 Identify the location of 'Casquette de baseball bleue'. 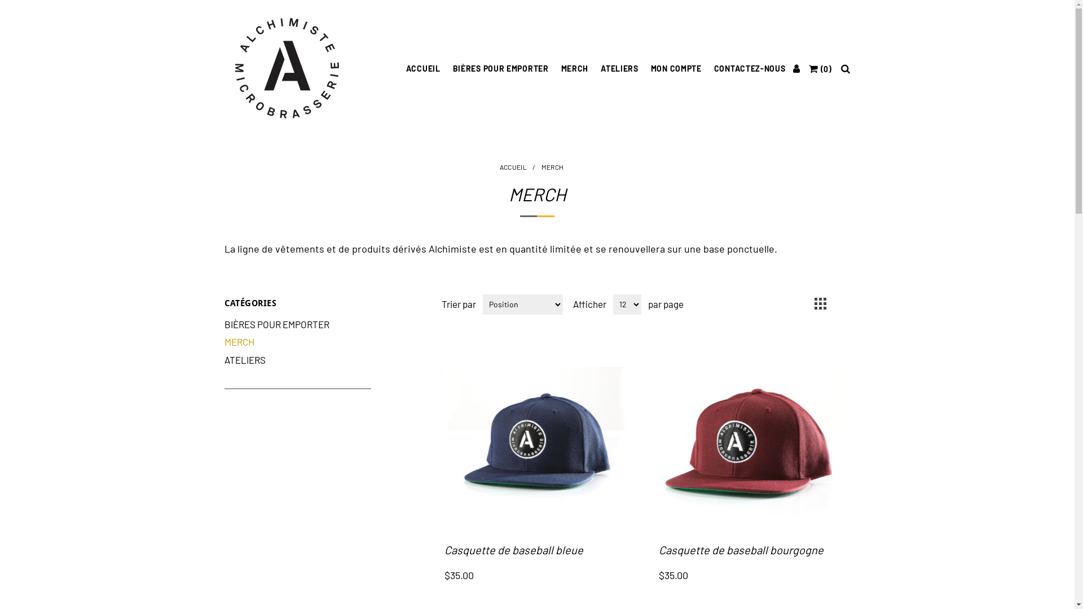
(537, 549).